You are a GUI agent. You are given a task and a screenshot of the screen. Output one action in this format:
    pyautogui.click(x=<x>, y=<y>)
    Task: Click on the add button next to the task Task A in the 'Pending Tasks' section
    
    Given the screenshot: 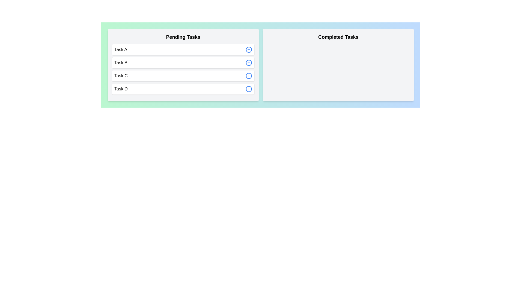 What is the action you would take?
    pyautogui.click(x=248, y=49)
    